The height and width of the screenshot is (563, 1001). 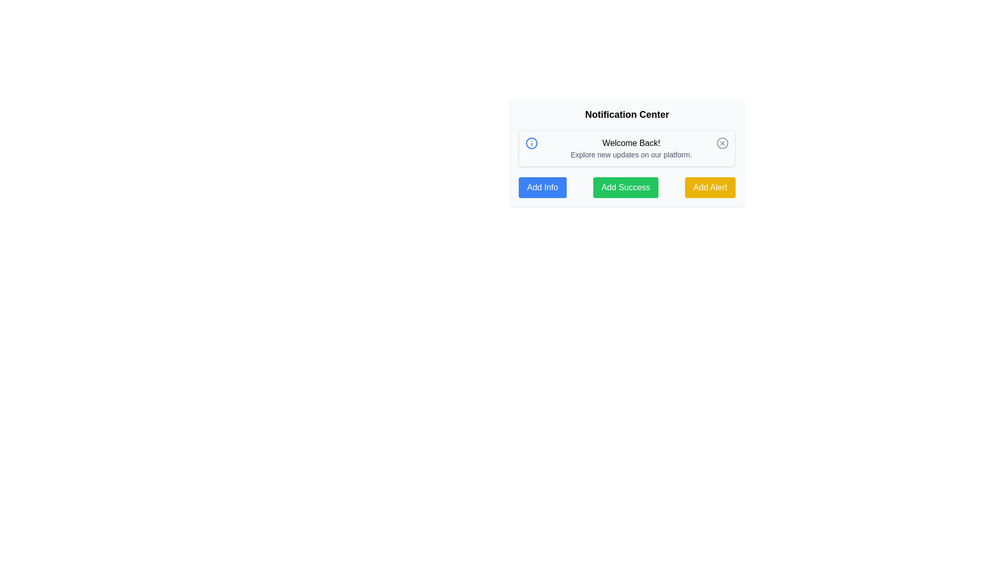 What do you see at coordinates (531, 143) in the screenshot?
I see `the informational icon located near the top-left corner of the notification box, adjacent to the 'Welcome Back!' header` at bounding box center [531, 143].